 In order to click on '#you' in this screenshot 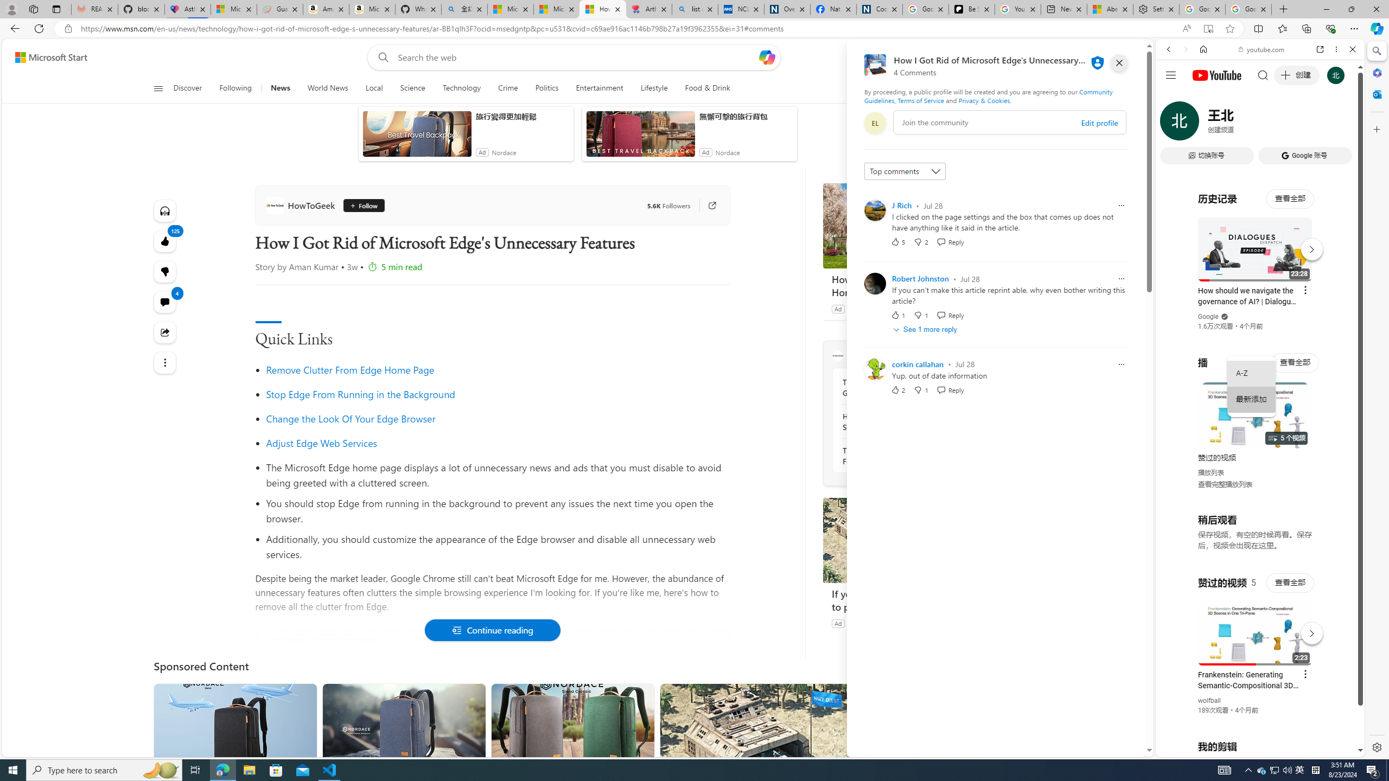, I will do `click(1256, 628)`.